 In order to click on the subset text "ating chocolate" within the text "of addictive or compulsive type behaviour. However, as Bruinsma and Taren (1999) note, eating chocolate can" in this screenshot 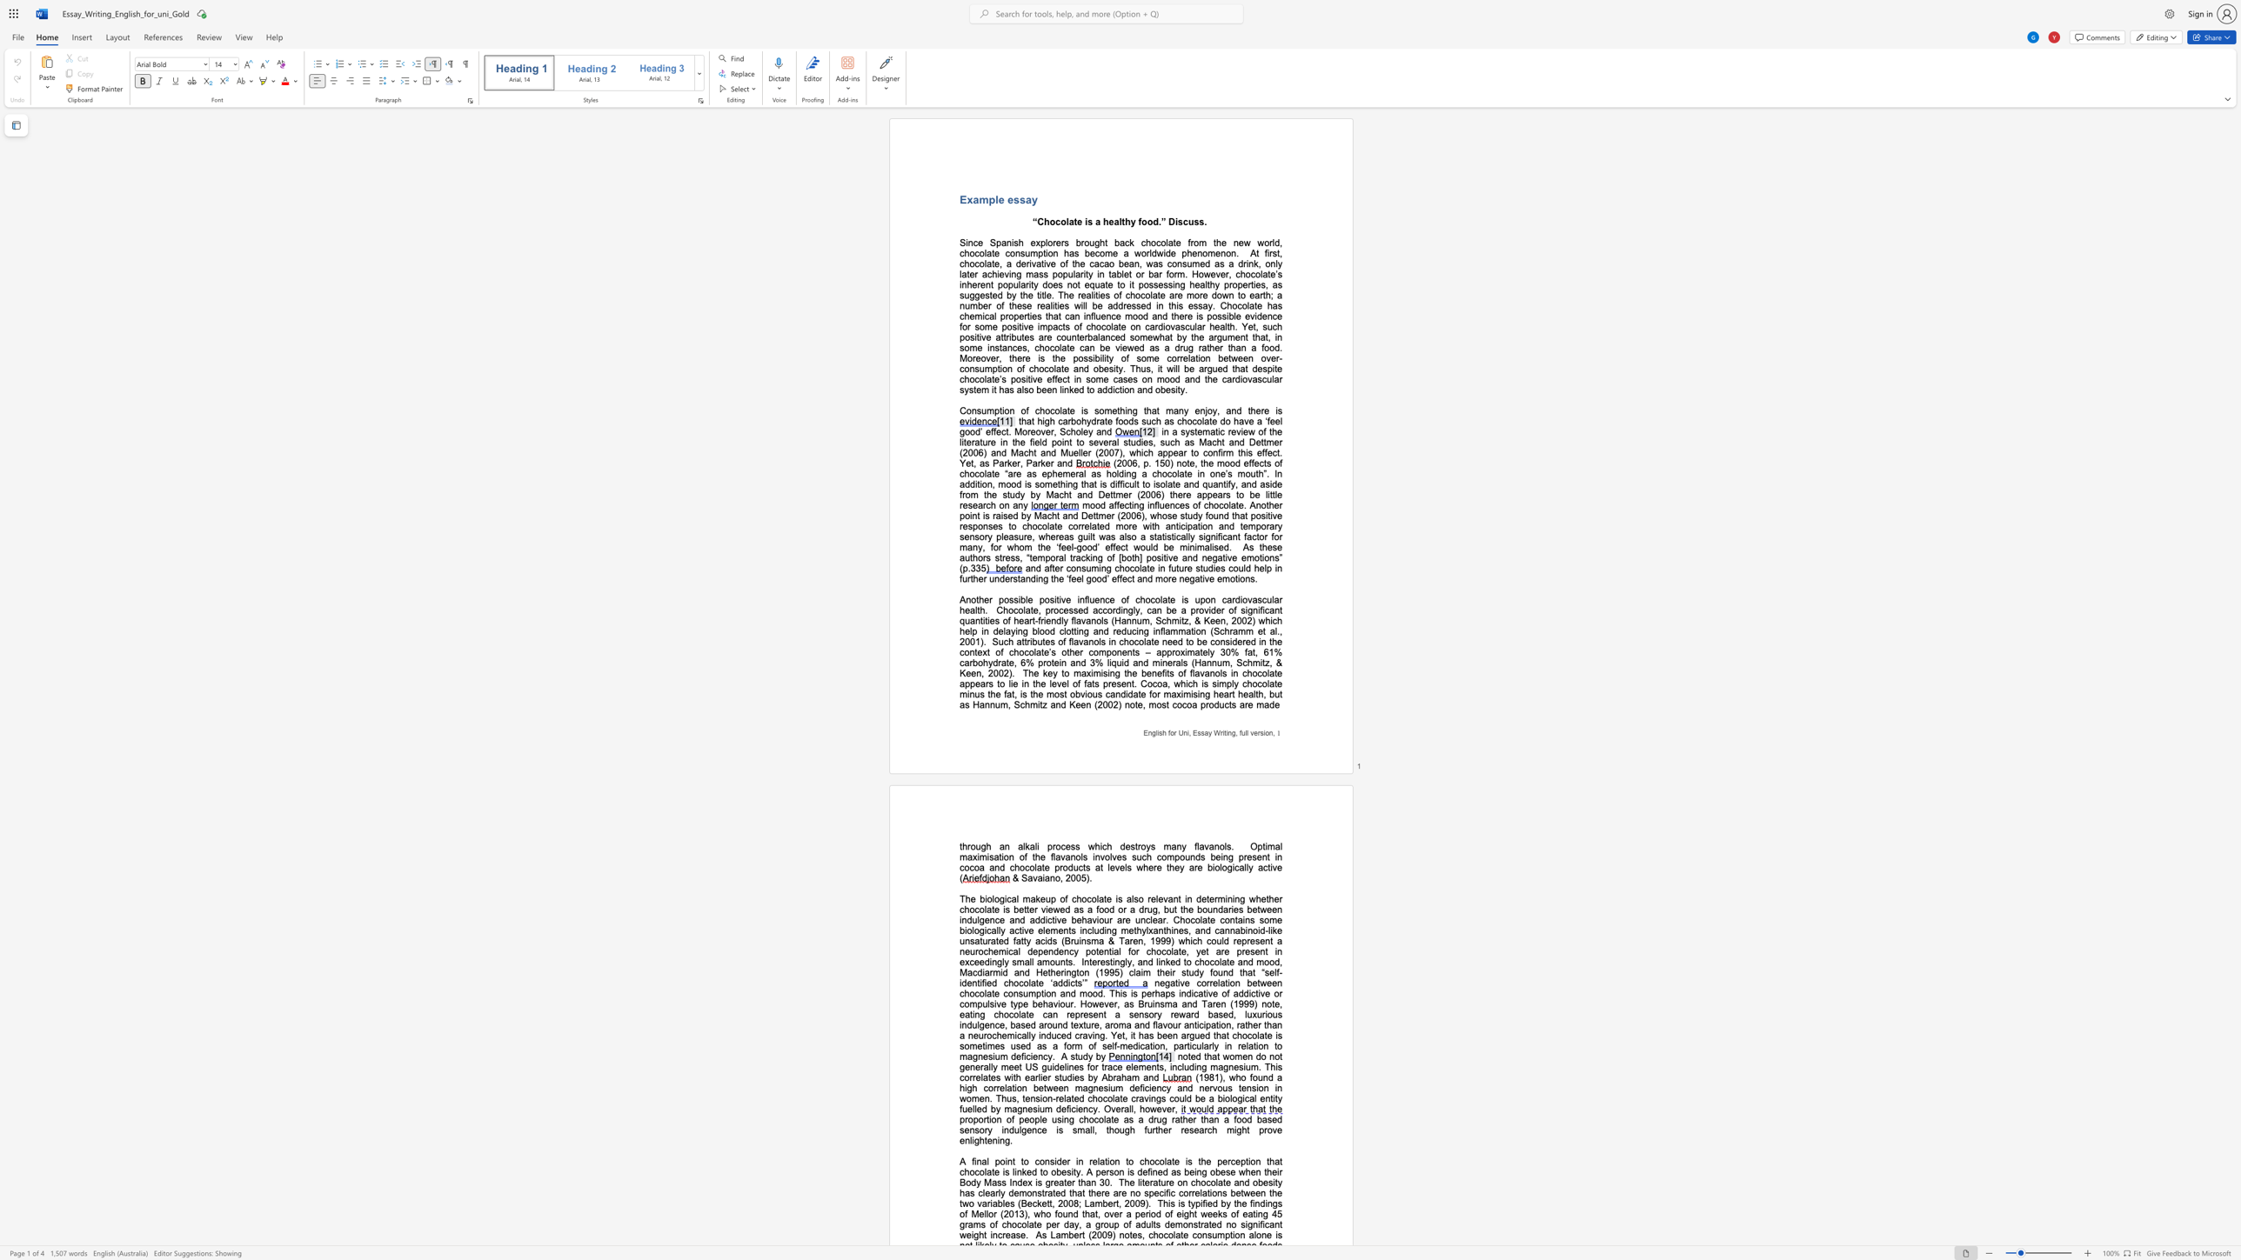, I will do `click(964, 1014)`.